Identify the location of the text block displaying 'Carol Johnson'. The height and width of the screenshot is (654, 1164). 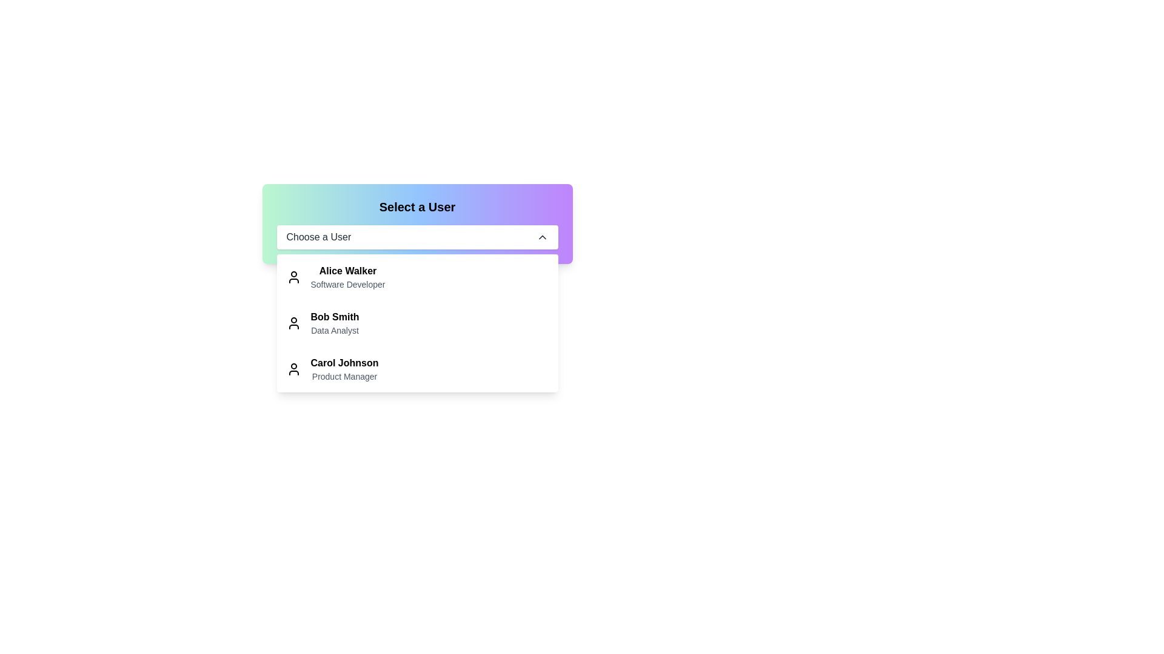
(344, 368).